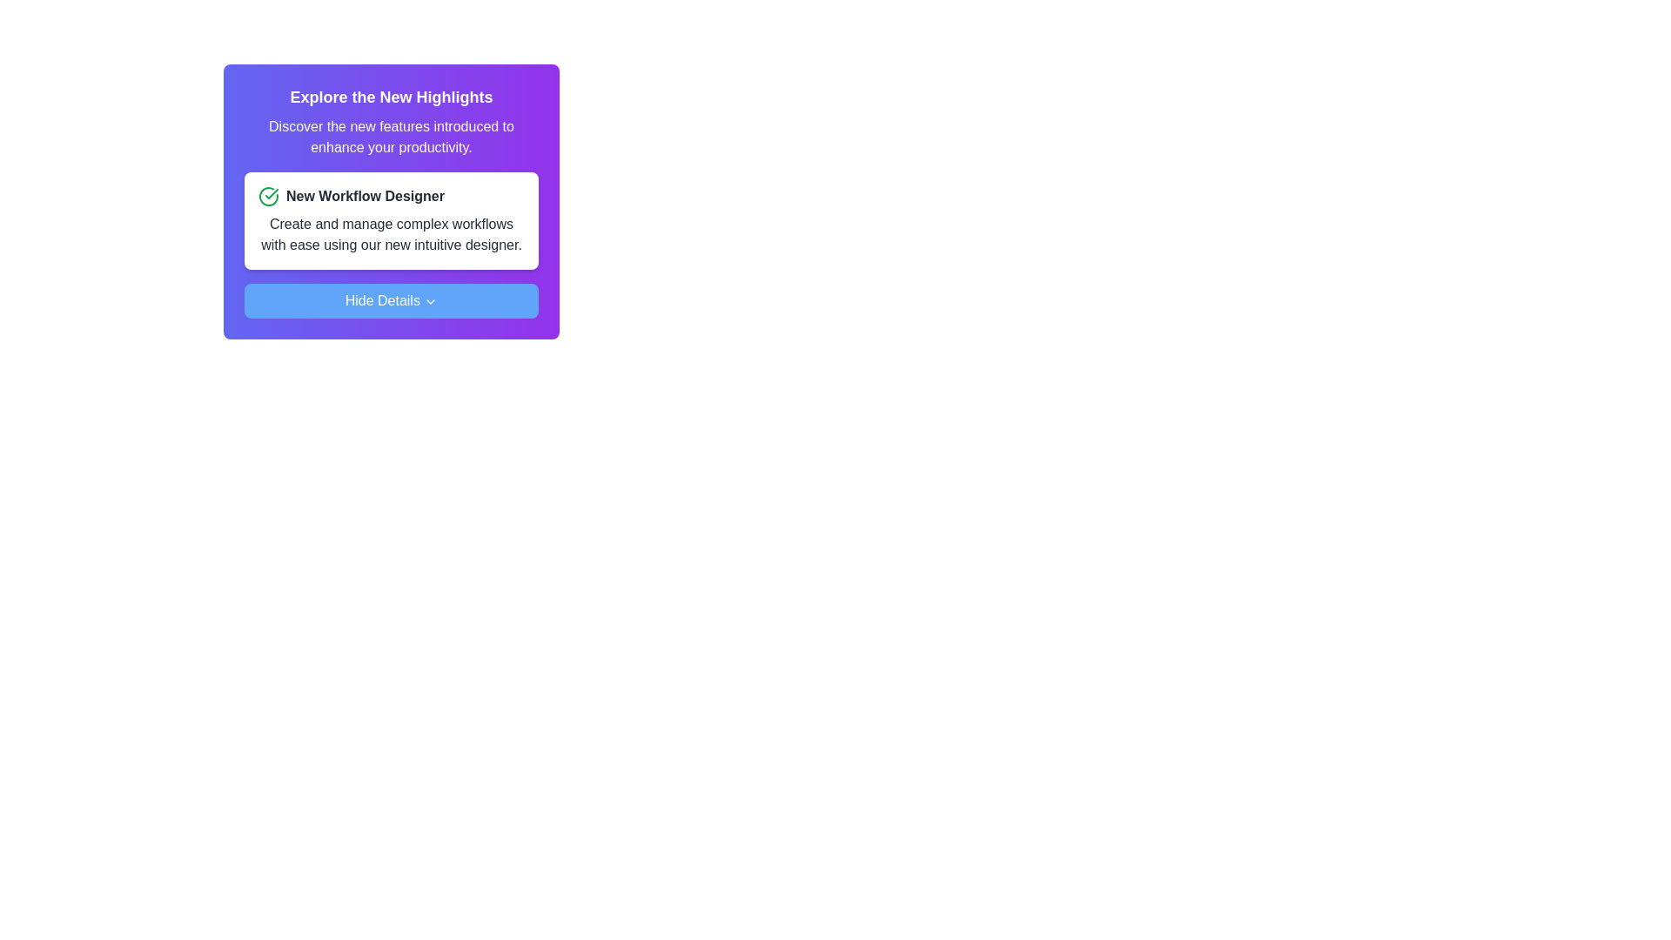 The height and width of the screenshot is (940, 1671). What do you see at coordinates (391, 97) in the screenshot?
I see `the bold text header that says 'Explore the New Highlights', which is styled in white against a gradient purple background` at bounding box center [391, 97].